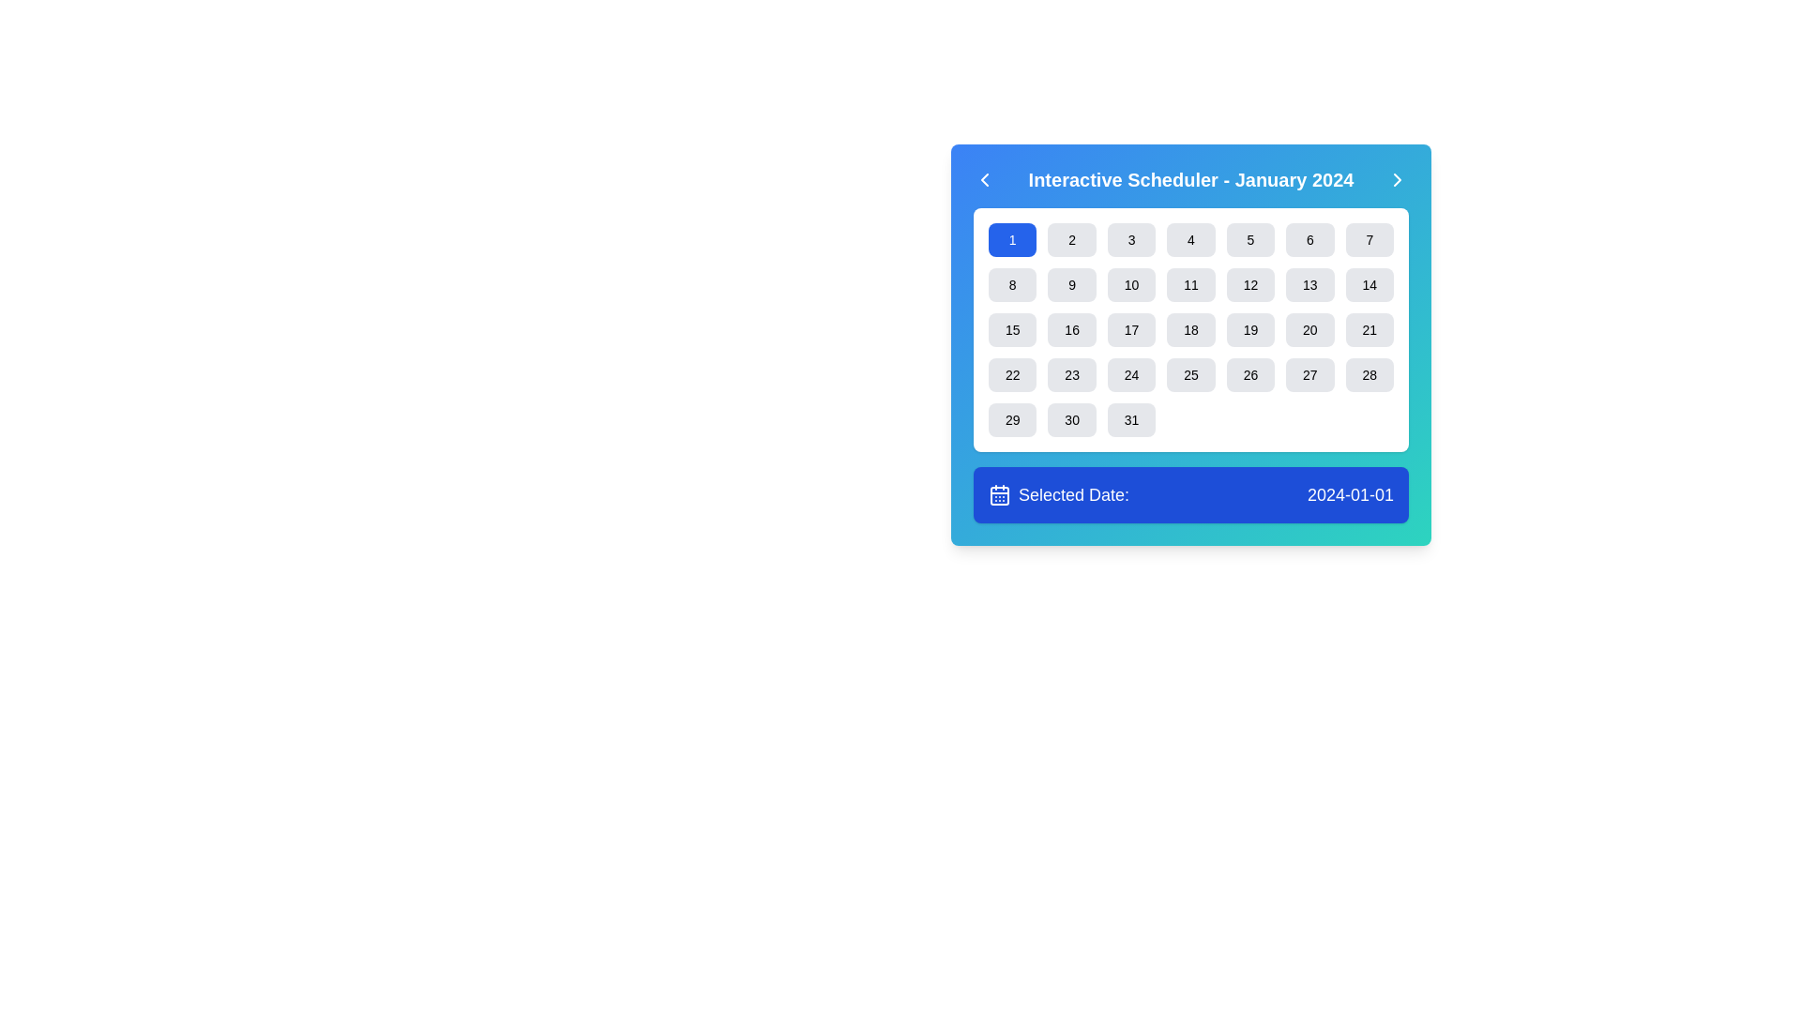  I want to click on the leftmost Icon button in the header bar of the 'Interactive Scheduler - January 2024', so click(984, 180).